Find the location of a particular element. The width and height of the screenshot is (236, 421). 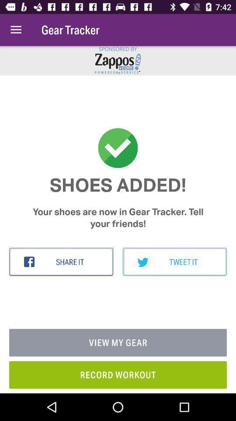

the share it on the left is located at coordinates (61, 262).